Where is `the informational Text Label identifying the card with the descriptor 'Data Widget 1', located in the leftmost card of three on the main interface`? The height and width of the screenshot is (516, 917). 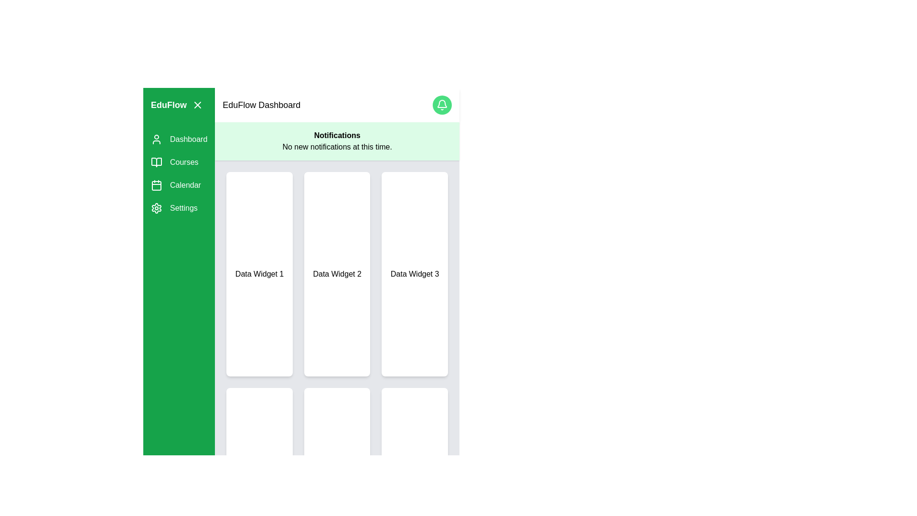
the informational Text Label identifying the card with the descriptor 'Data Widget 1', located in the leftmost card of three on the main interface is located at coordinates (259, 274).